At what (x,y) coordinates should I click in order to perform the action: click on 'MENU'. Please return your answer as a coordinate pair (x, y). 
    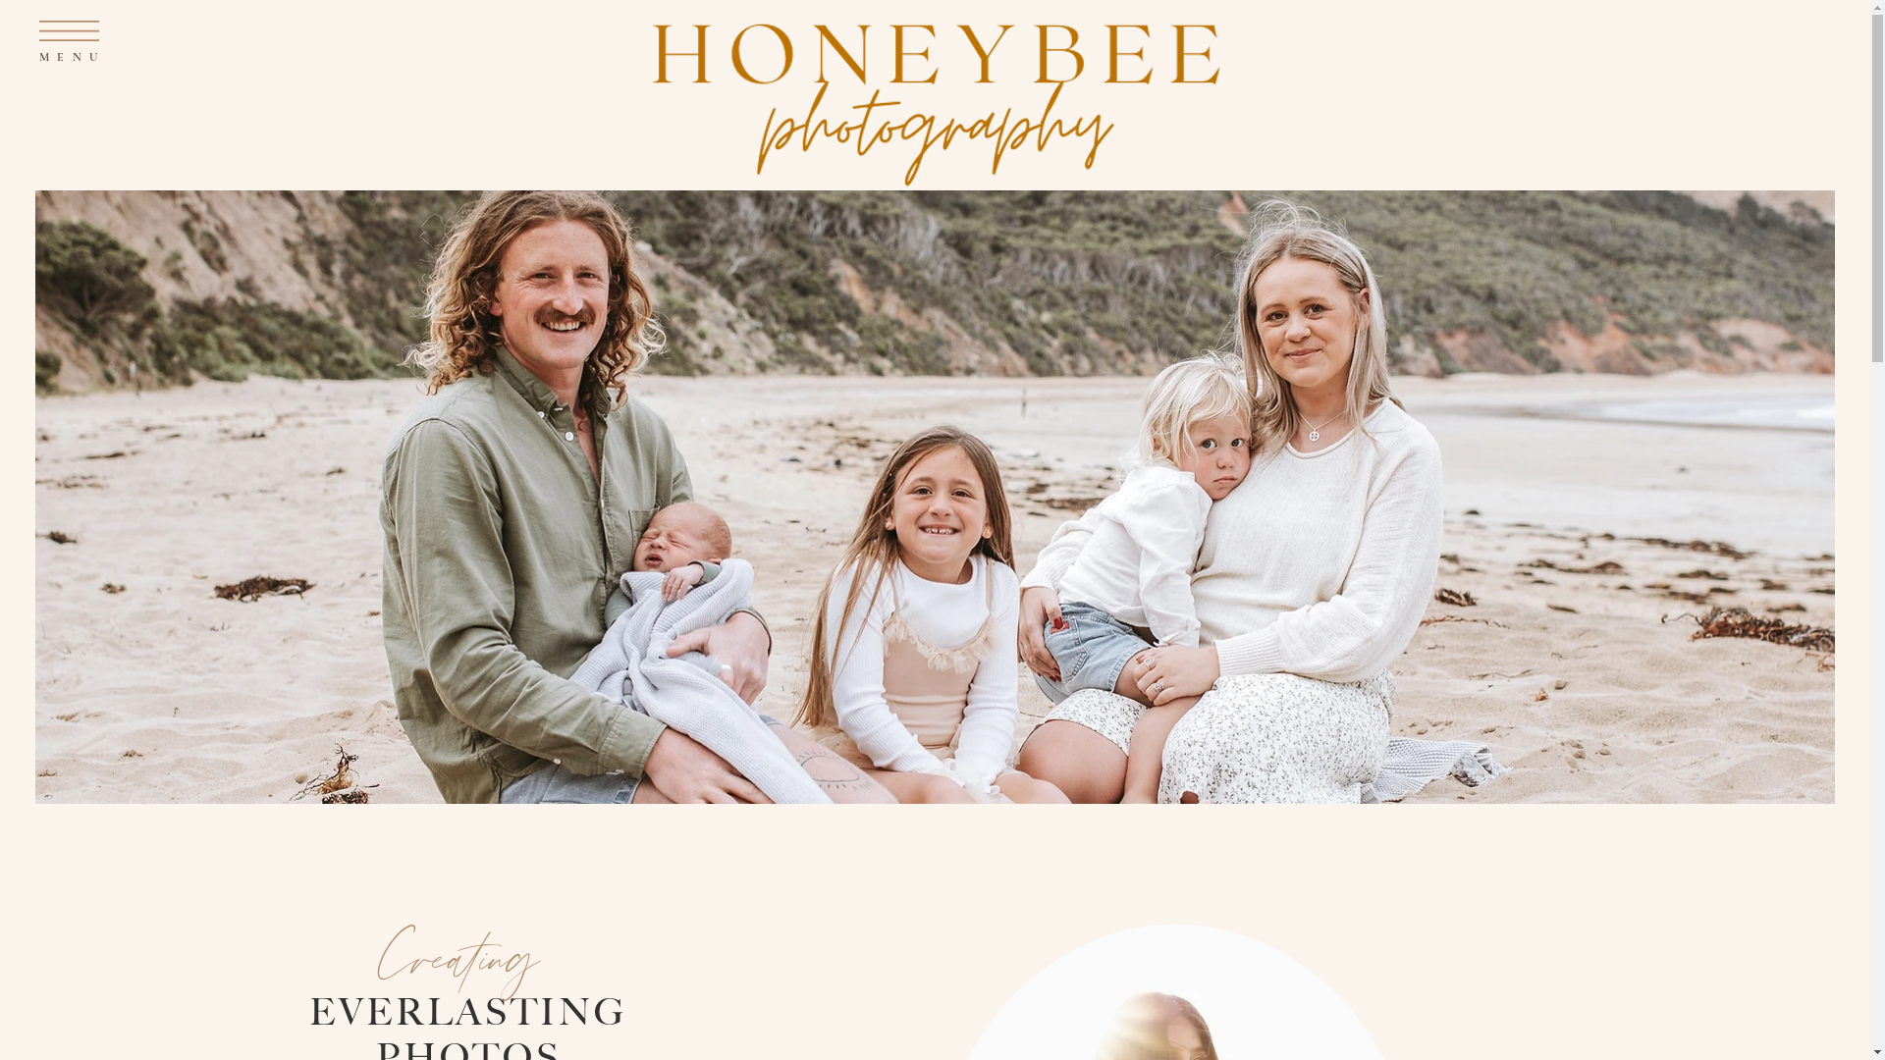
    Looking at the image, I should click on (72, 55).